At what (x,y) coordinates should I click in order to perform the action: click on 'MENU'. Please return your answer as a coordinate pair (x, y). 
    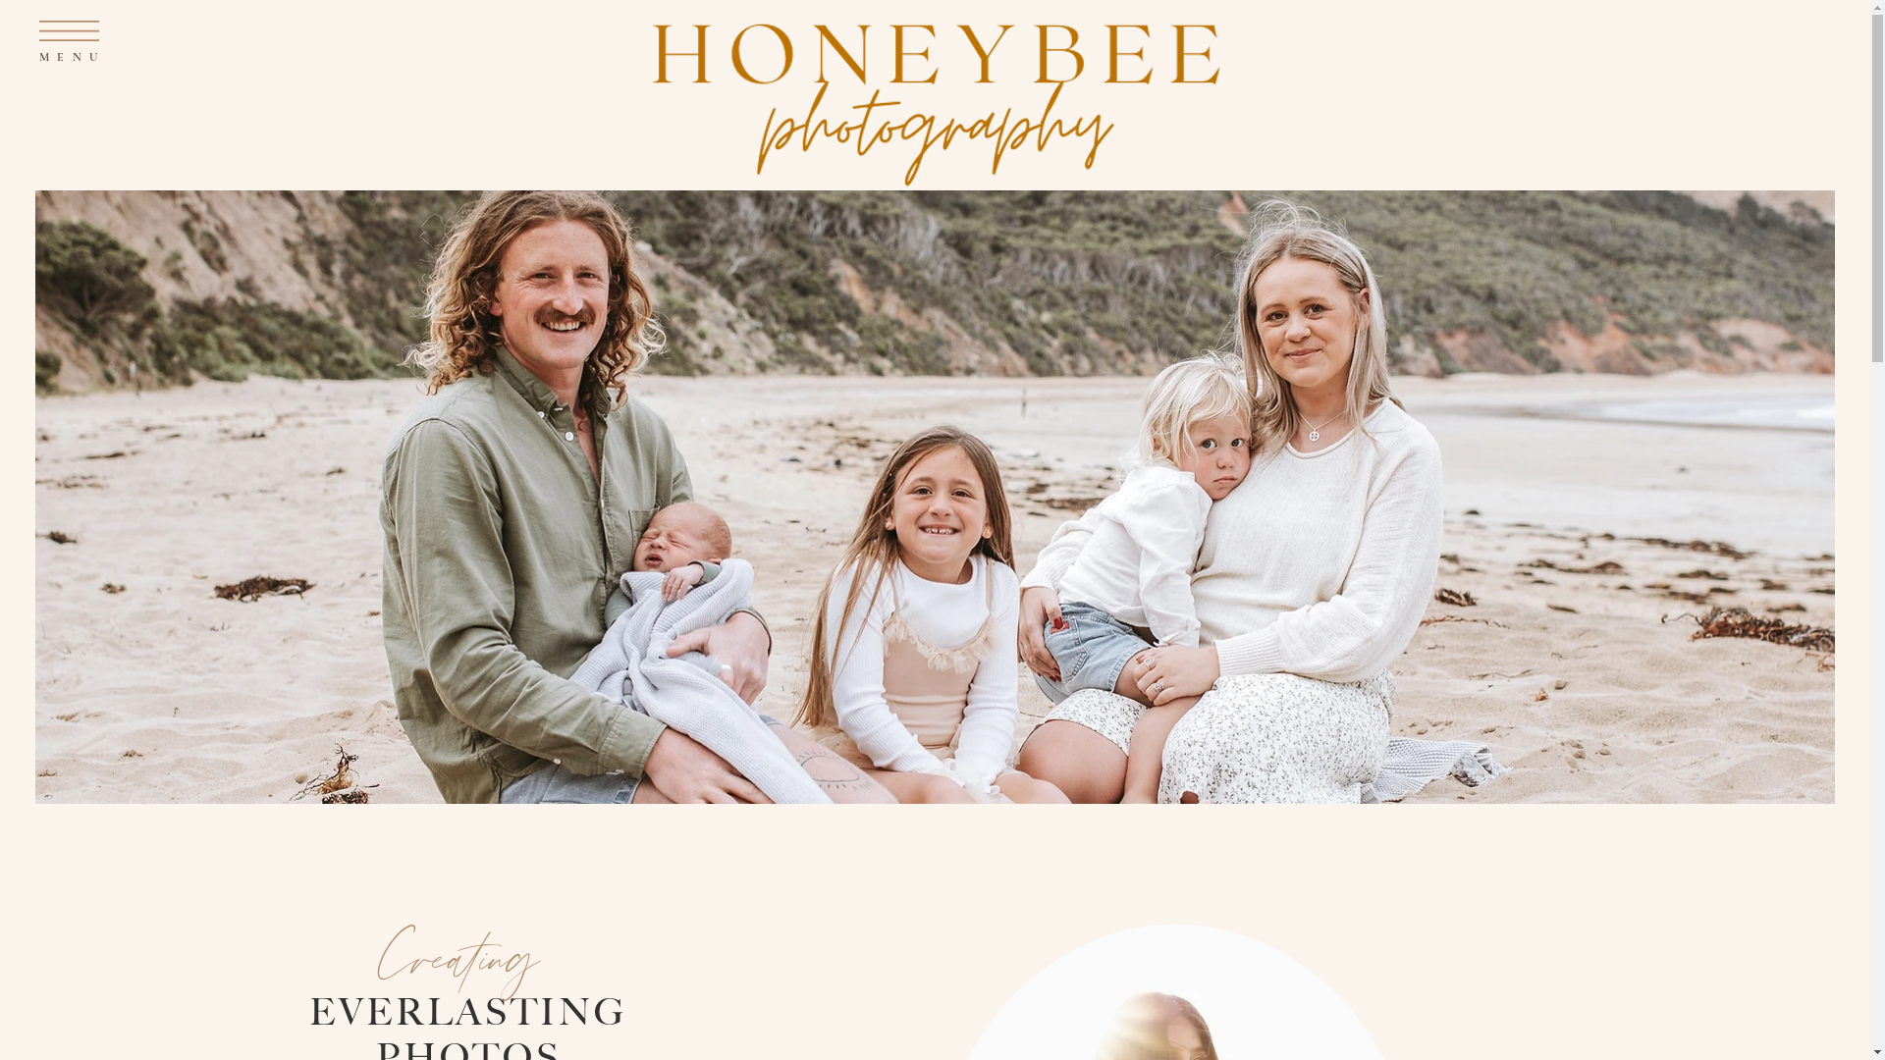
    Looking at the image, I should click on (72, 55).